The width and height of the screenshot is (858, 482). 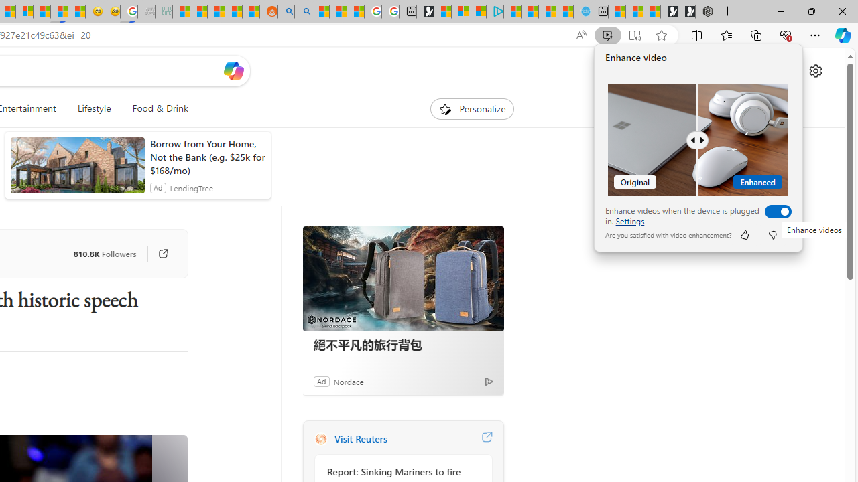 What do you see at coordinates (424, 11) in the screenshot?
I see `'Microsoft Start Gaming'` at bounding box center [424, 11].